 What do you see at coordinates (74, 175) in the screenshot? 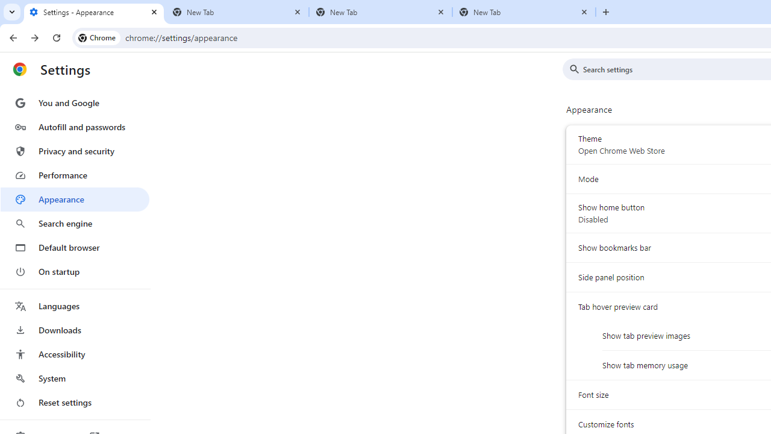
I see `'Performance'` at bounding box center [74, 175].